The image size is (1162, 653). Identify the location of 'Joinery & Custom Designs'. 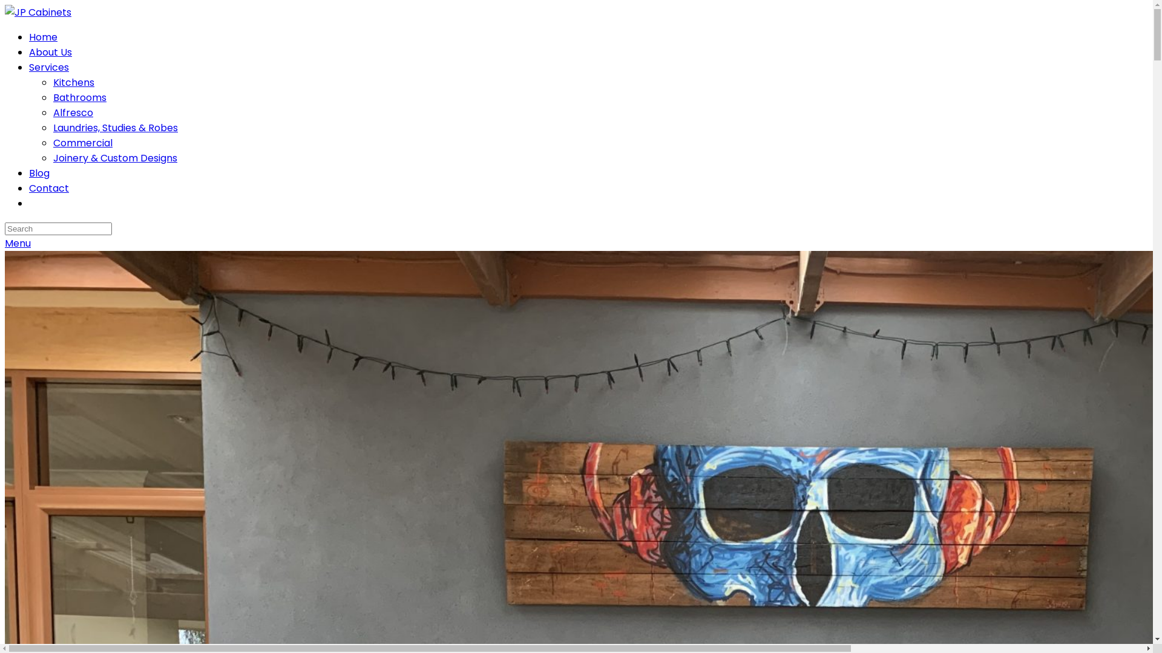
(115, 157).